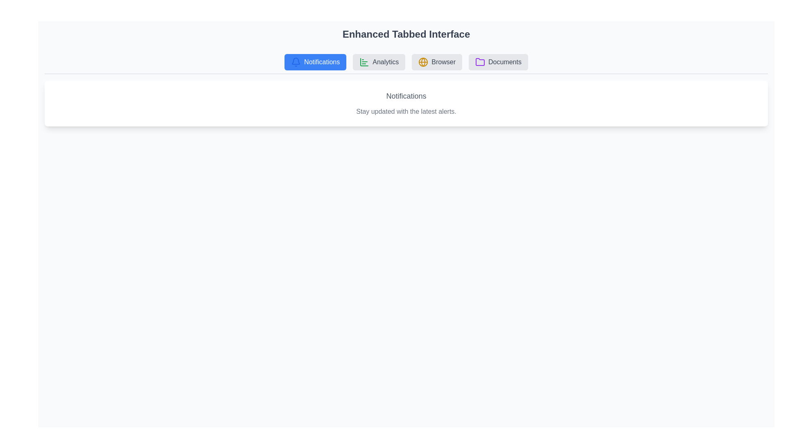 This screenshot has width=786, height=442. Describe the element at coordinates (437, 61) in the screenshot. I see `the tab labeled Browser` at that location.